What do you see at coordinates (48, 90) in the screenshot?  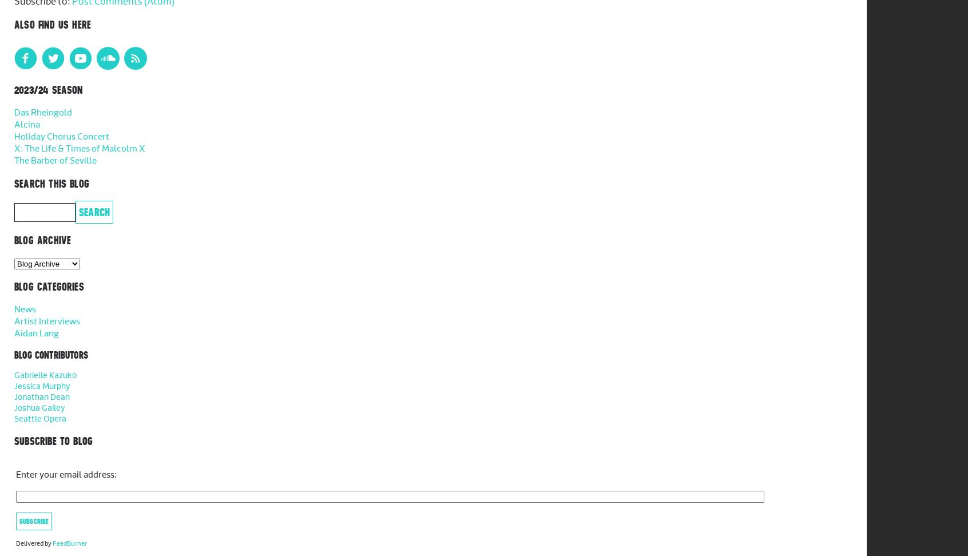 I see `'2023/24 Season'` at bounding box center [48, 90].